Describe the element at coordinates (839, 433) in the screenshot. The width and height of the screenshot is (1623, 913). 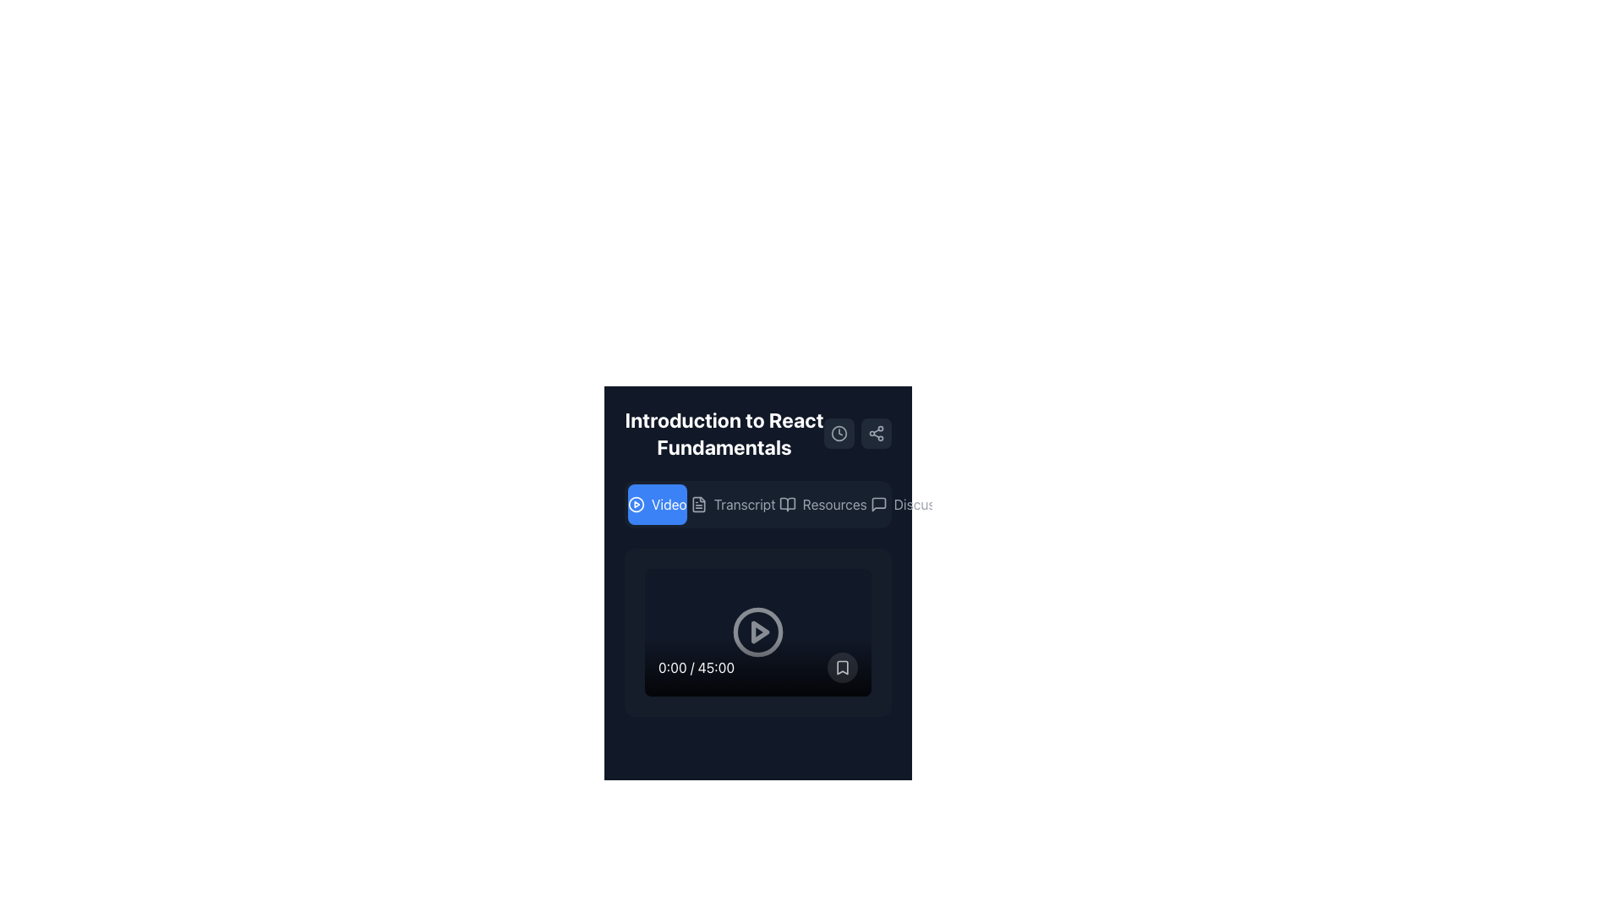
I see `the circular button with a clock icon located in the top-right section of the card layout, just to the right of the title text 'Introduction to React Fundamentals'` at that location.